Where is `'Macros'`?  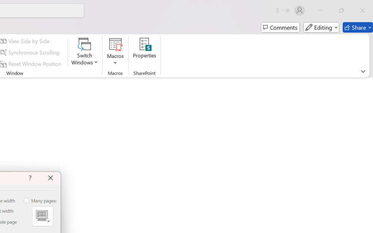
'Macros' is located at coordinates (115, 52).